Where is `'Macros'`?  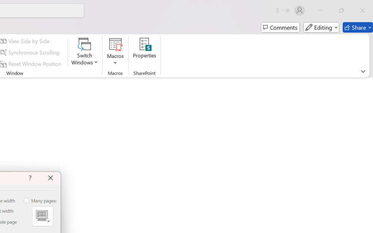
'Macros' is located at coordinates (115, 52).